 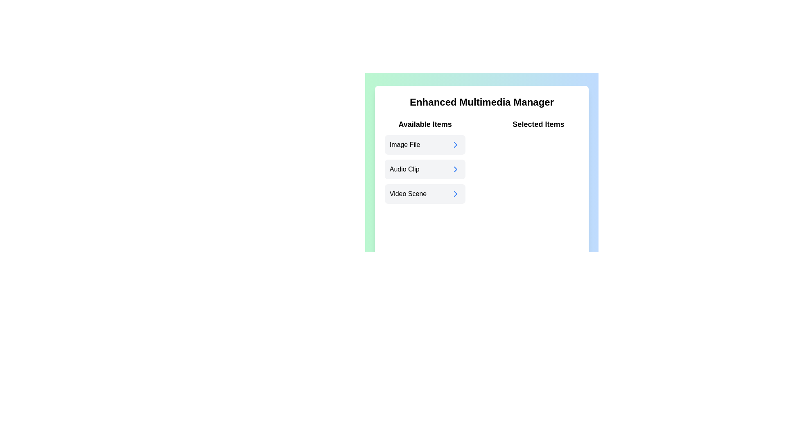 I want to click on the text label displaying 'Available Items', which is styled in bold and larger font, located at the top of the vertical list of items, so click(x=425, y=124).